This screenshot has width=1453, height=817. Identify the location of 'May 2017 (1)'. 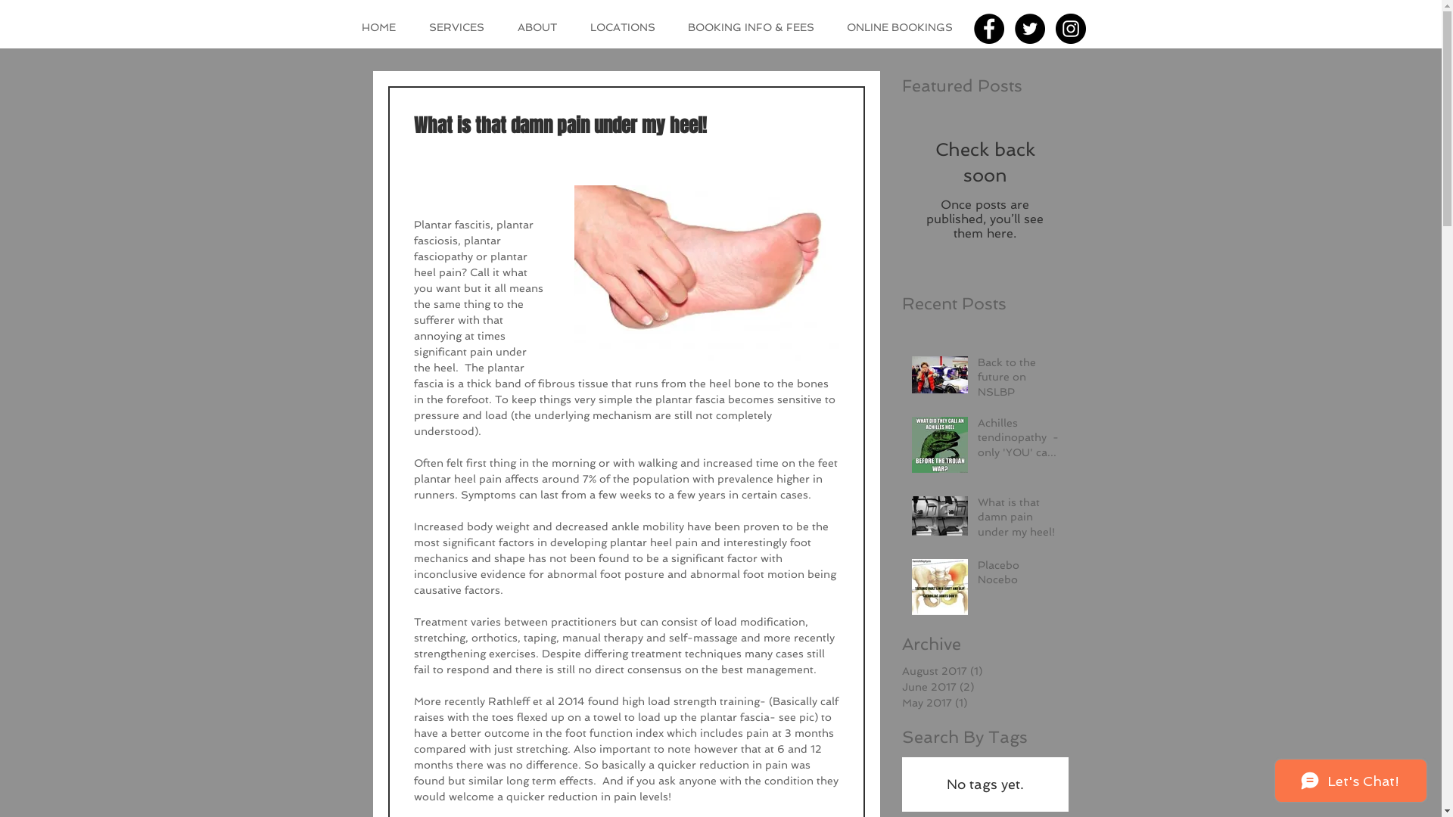
(981, 703).